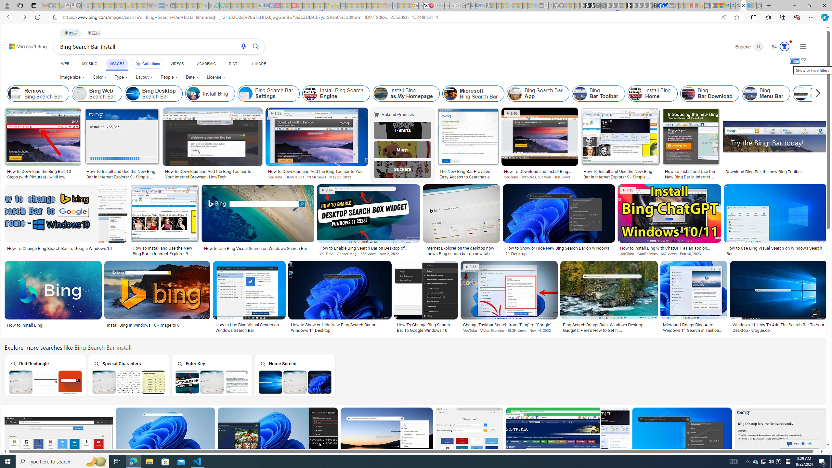 The width and height of the screenshot is (832, 468). Describe the element at coordinates (233, 63) in the screenshot. I see `'DICT'` at that location.